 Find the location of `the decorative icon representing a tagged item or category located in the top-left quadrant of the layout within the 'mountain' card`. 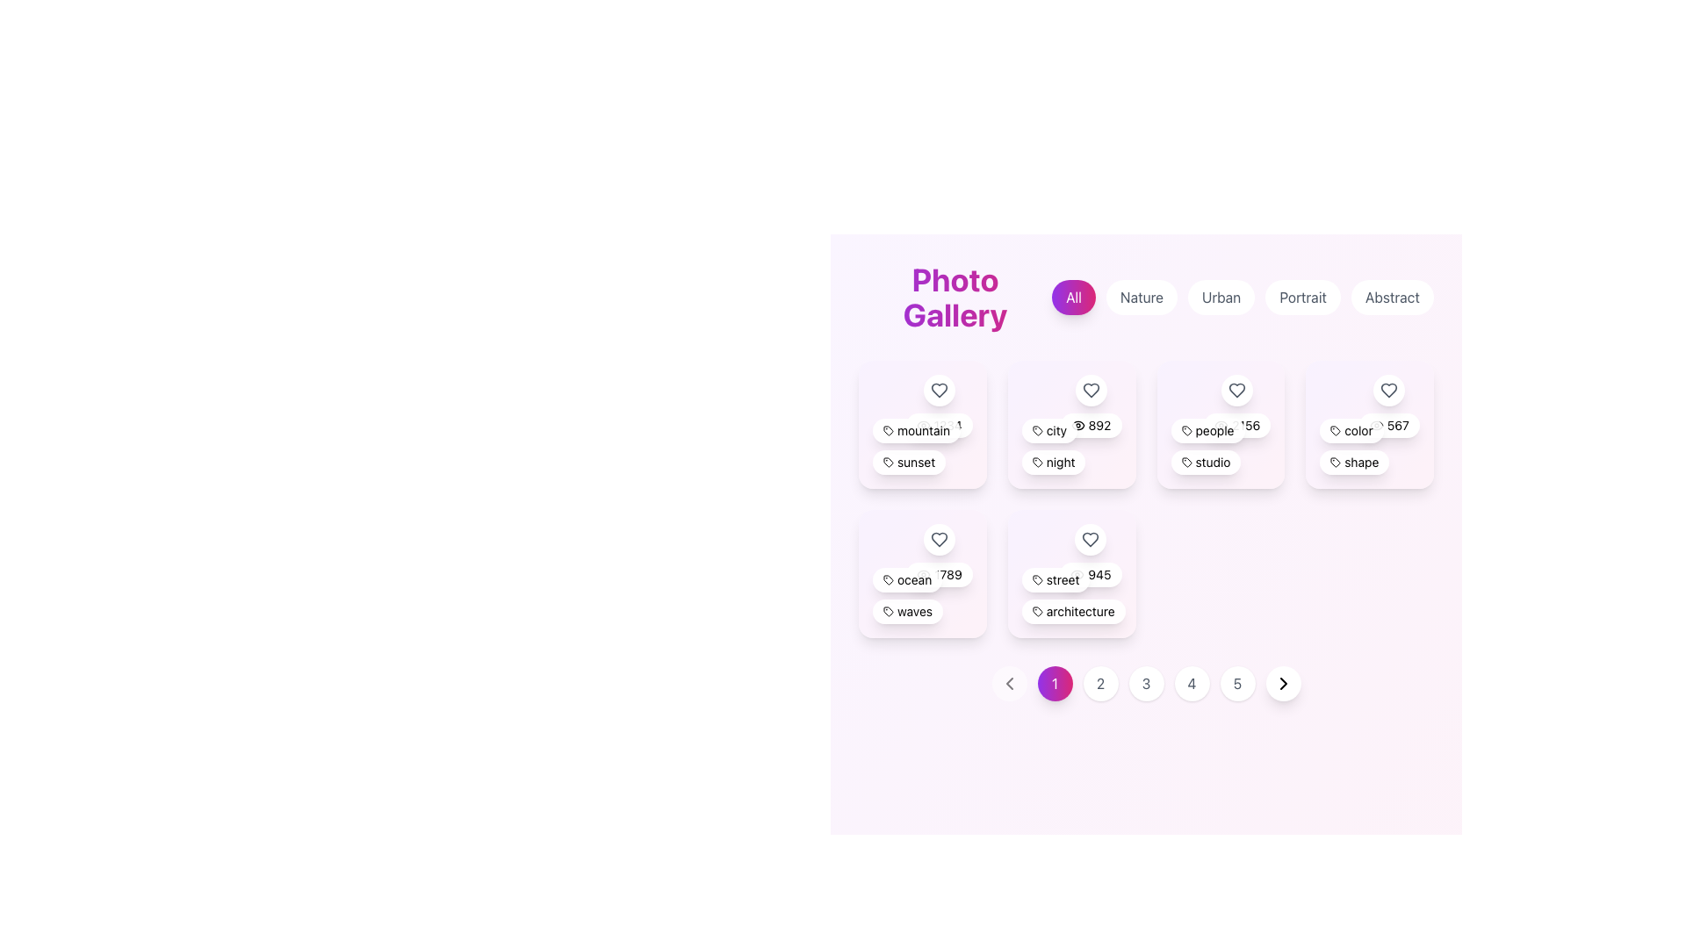

the decorative icon representing a tagged item or category located in the top-left quadrant of the layout within the 'mountain' card is located at coordinates (889, 430).